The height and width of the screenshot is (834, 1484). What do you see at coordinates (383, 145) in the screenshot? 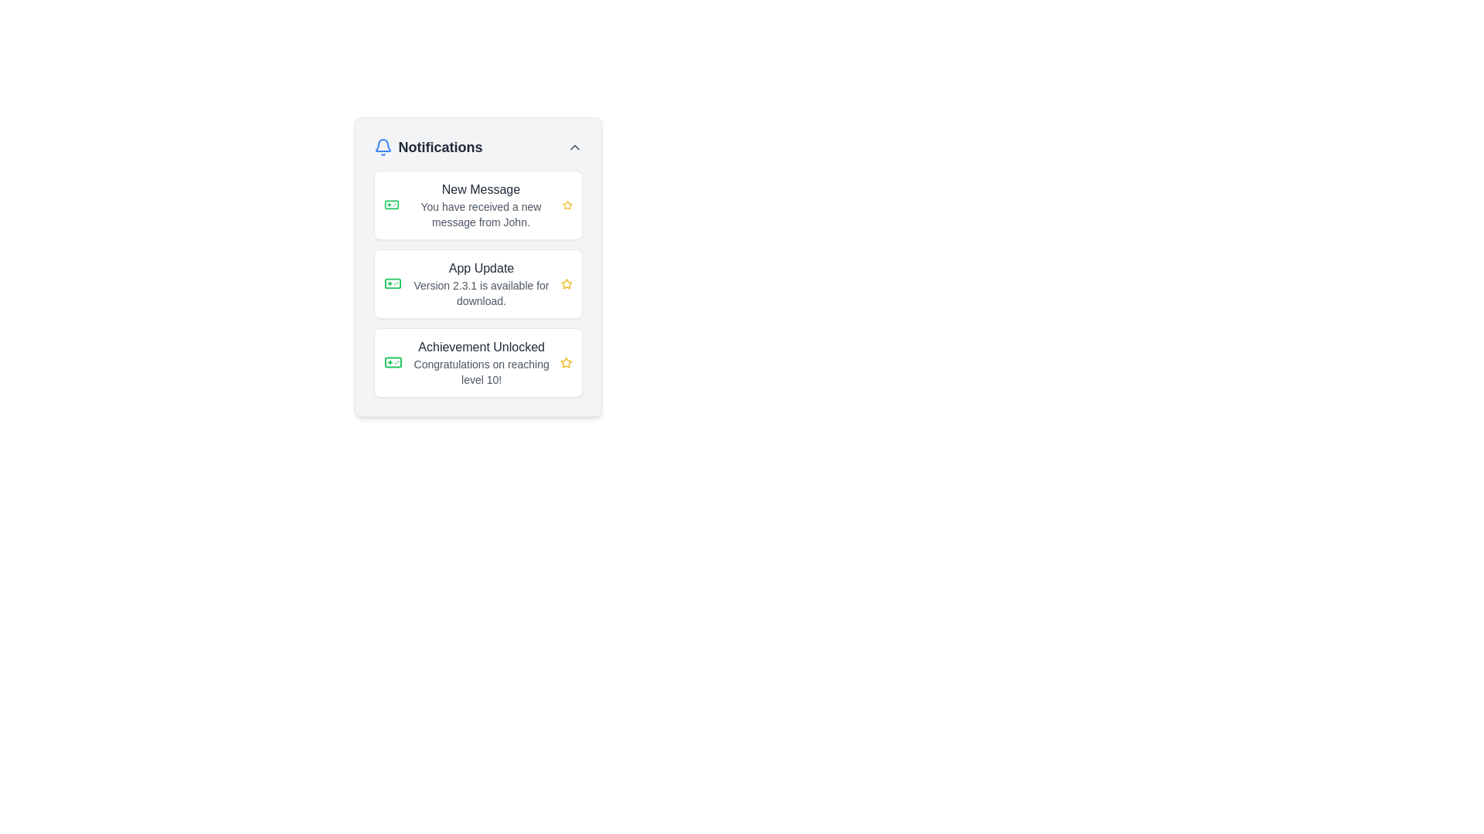
I see `the blue bell-shaped icon located at the top-left area of the notification panel, next to the 'Notifications' text` at bounding box center [383, 145].